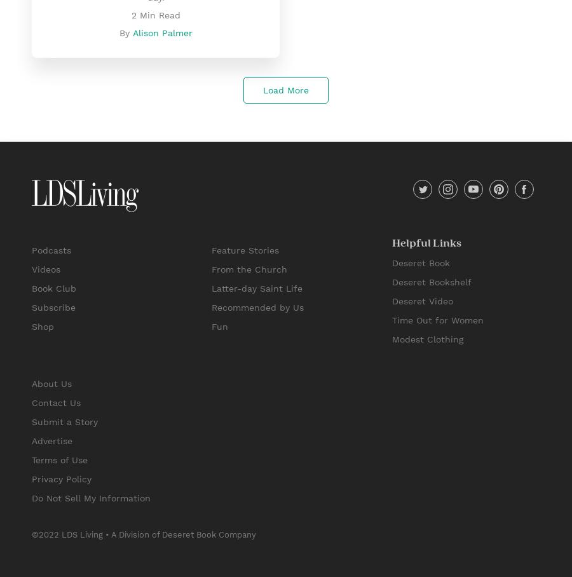 This screenshot has height=577, width=572. Describe the element at coordinates (430, 282) in the screenshot. I see `'Deseret Bookshelf'` at that location.